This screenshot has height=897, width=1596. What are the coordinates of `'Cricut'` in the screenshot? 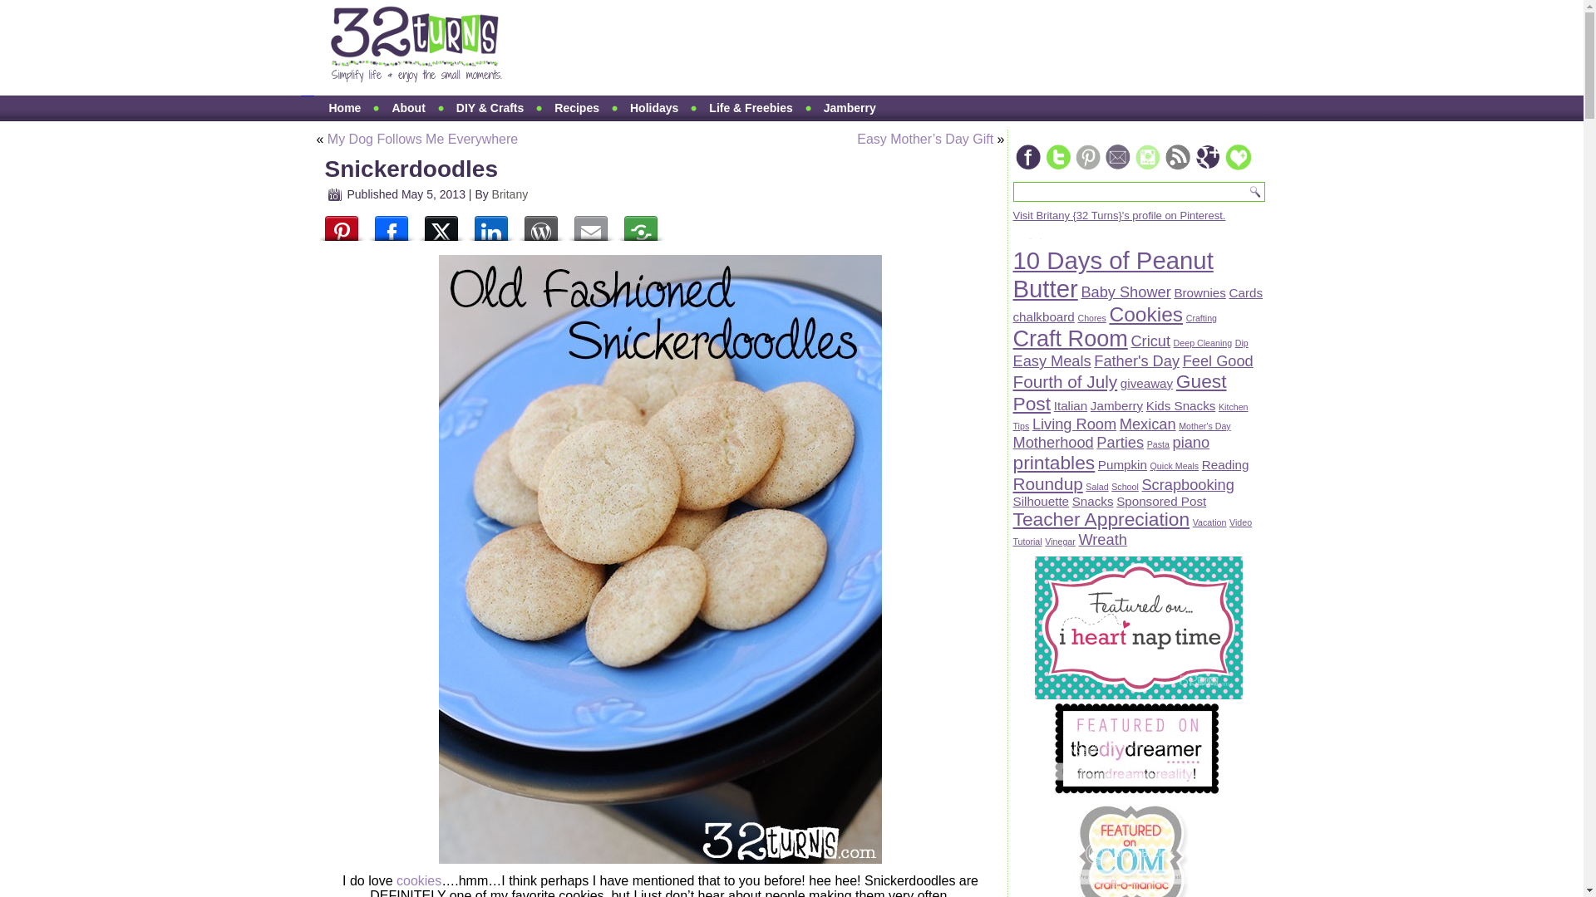 It's located at (1130, 340).